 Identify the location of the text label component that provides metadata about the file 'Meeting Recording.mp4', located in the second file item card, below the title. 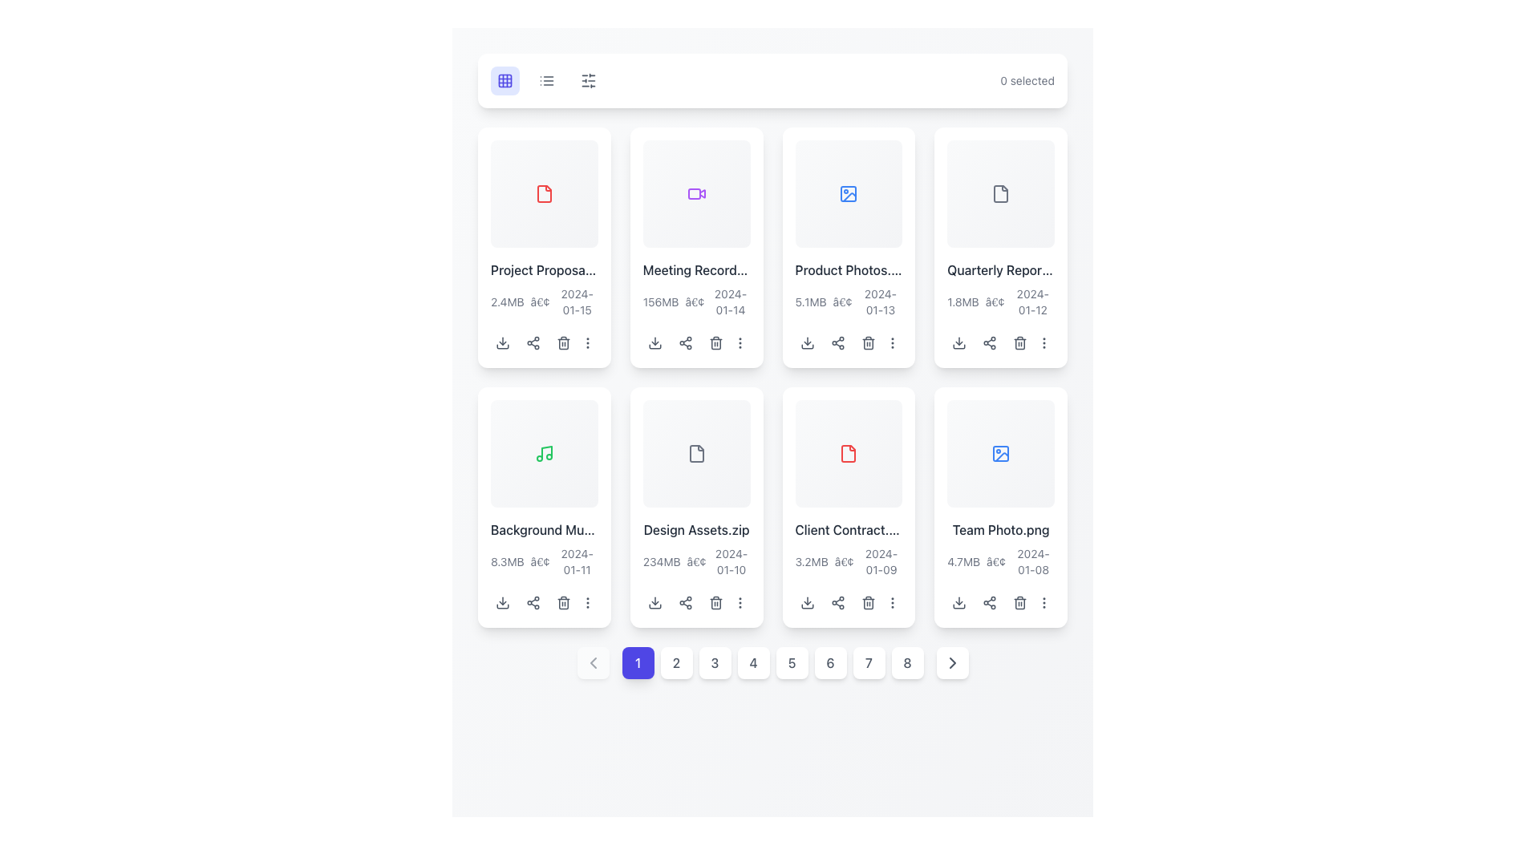
(696, 301).